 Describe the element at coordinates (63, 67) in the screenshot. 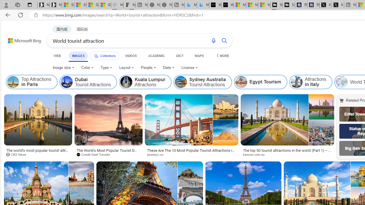

I see `'Image size'` at that location.